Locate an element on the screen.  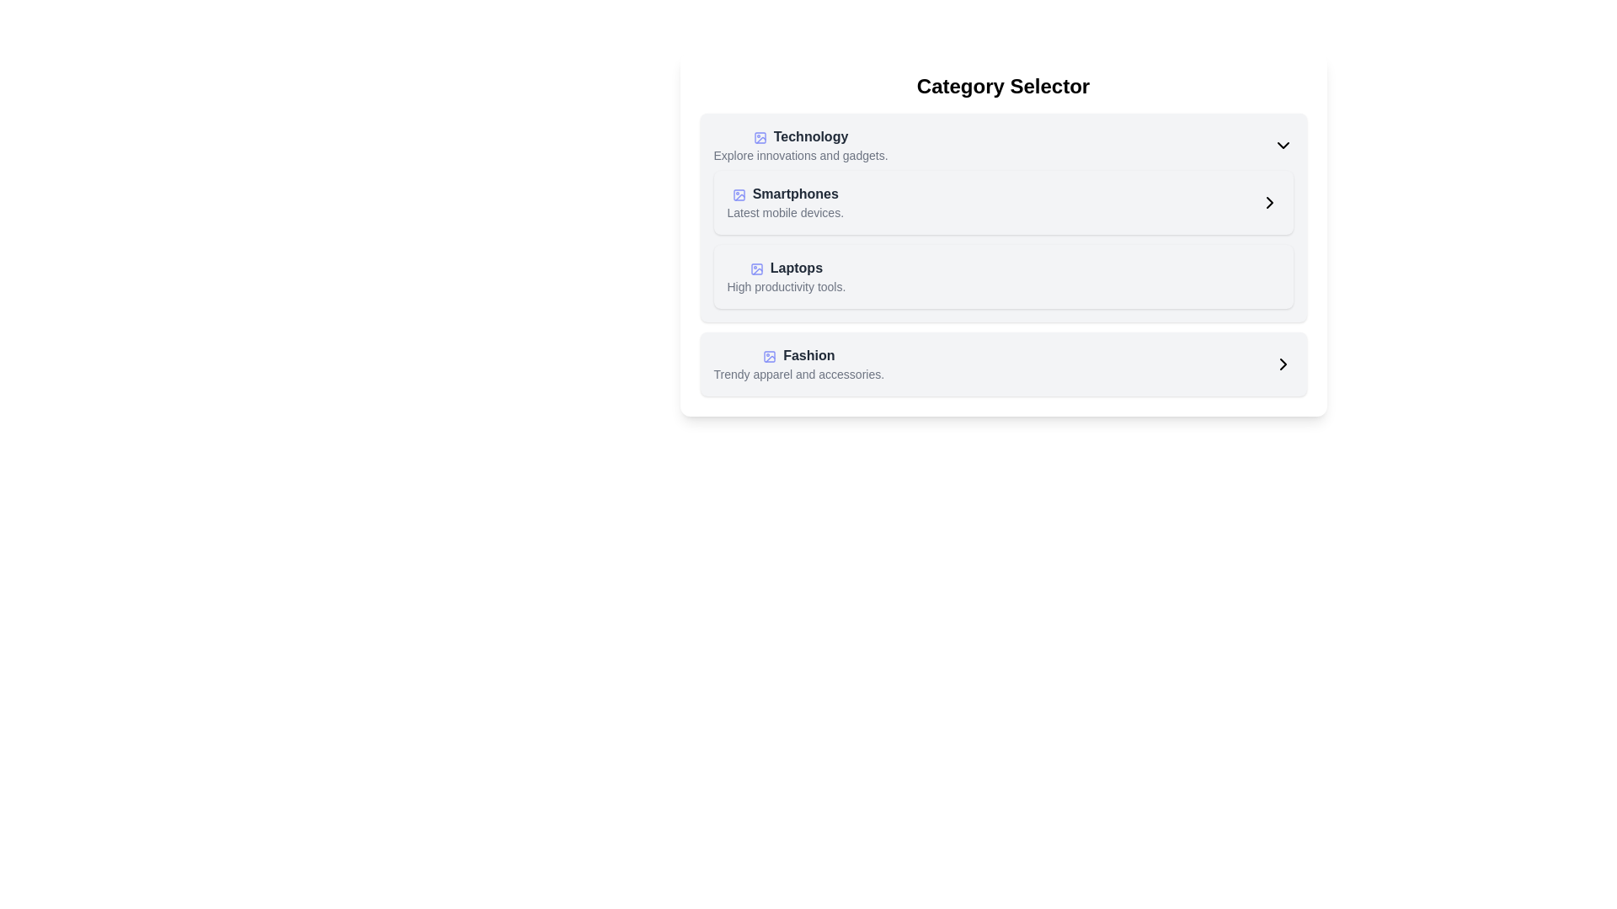
the 'Laptops' text label which serves as a category header indicating related content below the 'Smartphones' category is located at coordinates (795, 267).